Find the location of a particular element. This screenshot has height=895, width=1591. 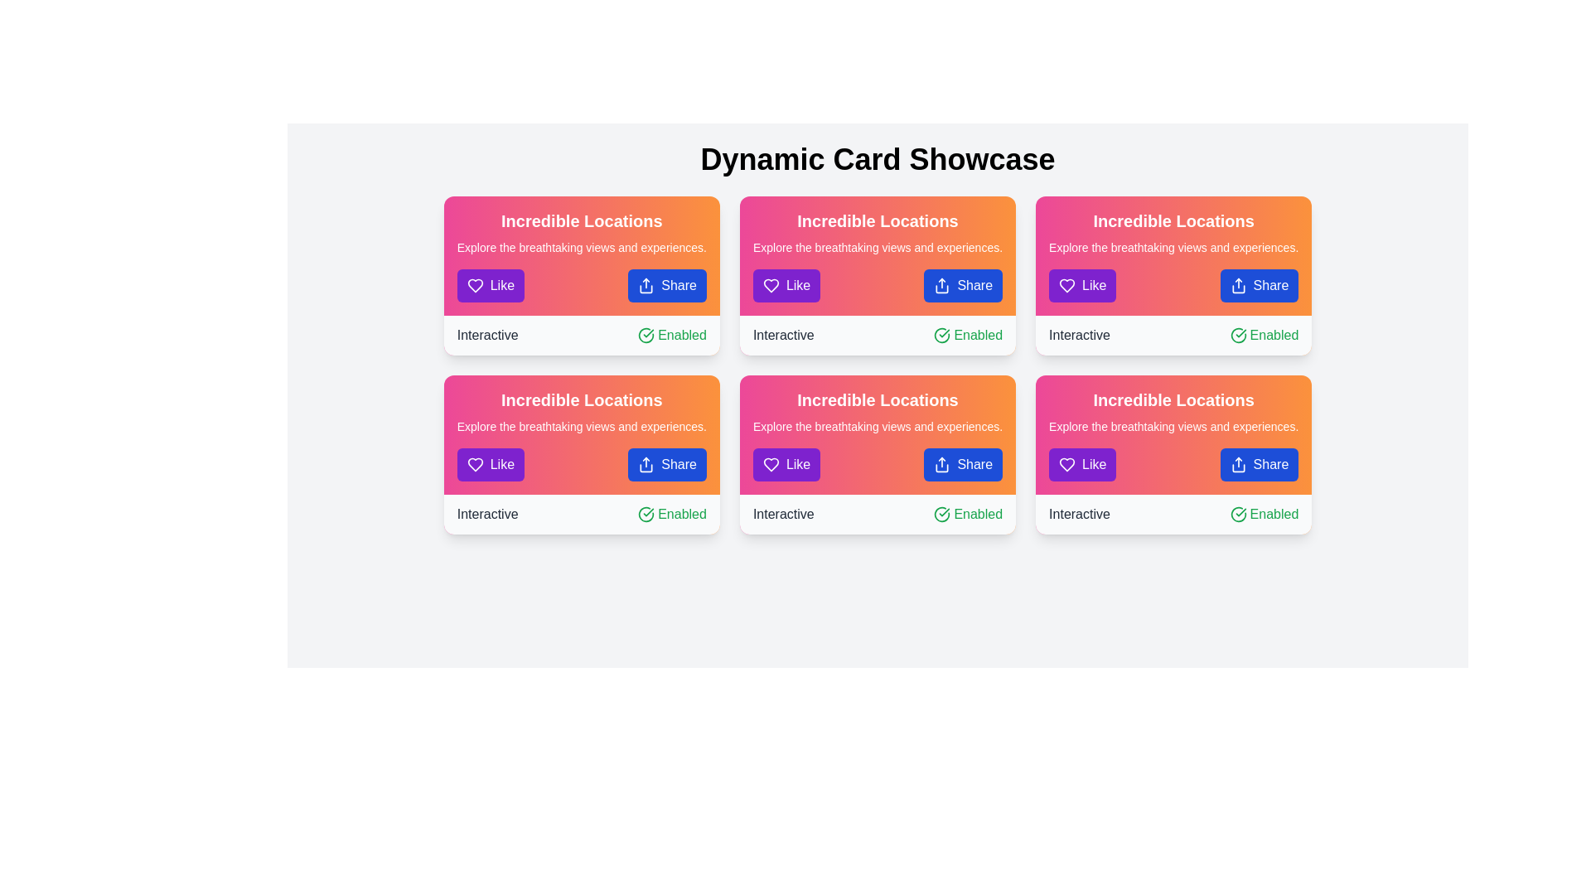

the status label indicating 'Enabled' in green color located in the lower-right corner of the 'Interactive' card is located at coordinates (1264, 514).